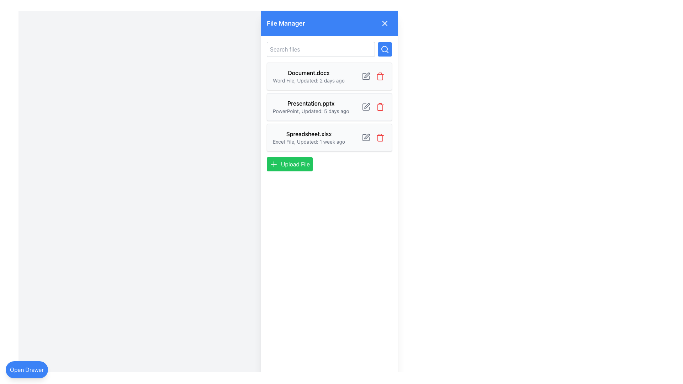 This screenshot has width=683, height=384. What do you see at coordinates (380, 76) in the screenshot?
I see `the delete button located in the top-right corner of the row displaying the file named 'Document.docx'` at bounding box center [380, 76].